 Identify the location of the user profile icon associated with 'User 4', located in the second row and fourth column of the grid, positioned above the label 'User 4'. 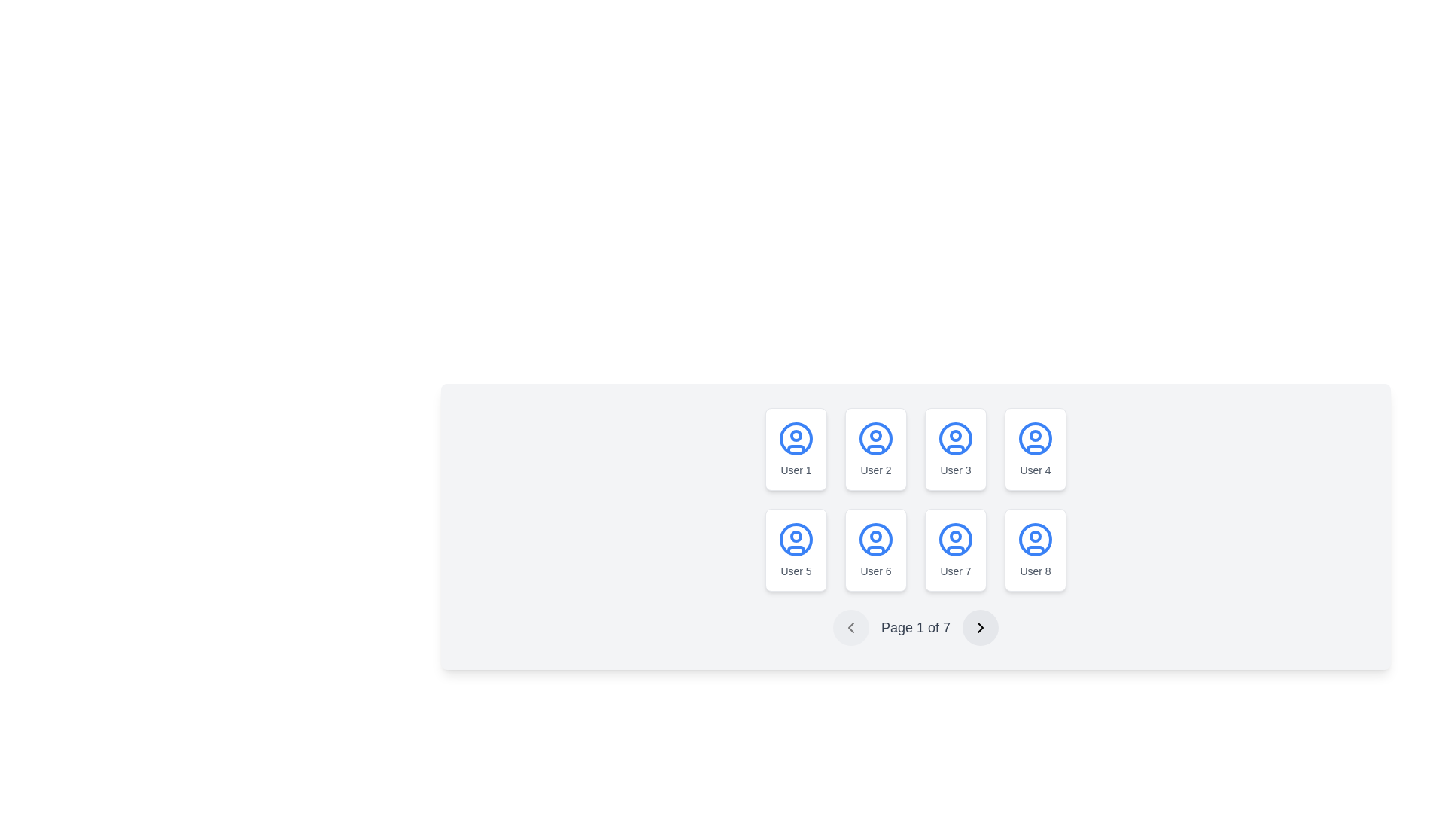
(1035, 438).